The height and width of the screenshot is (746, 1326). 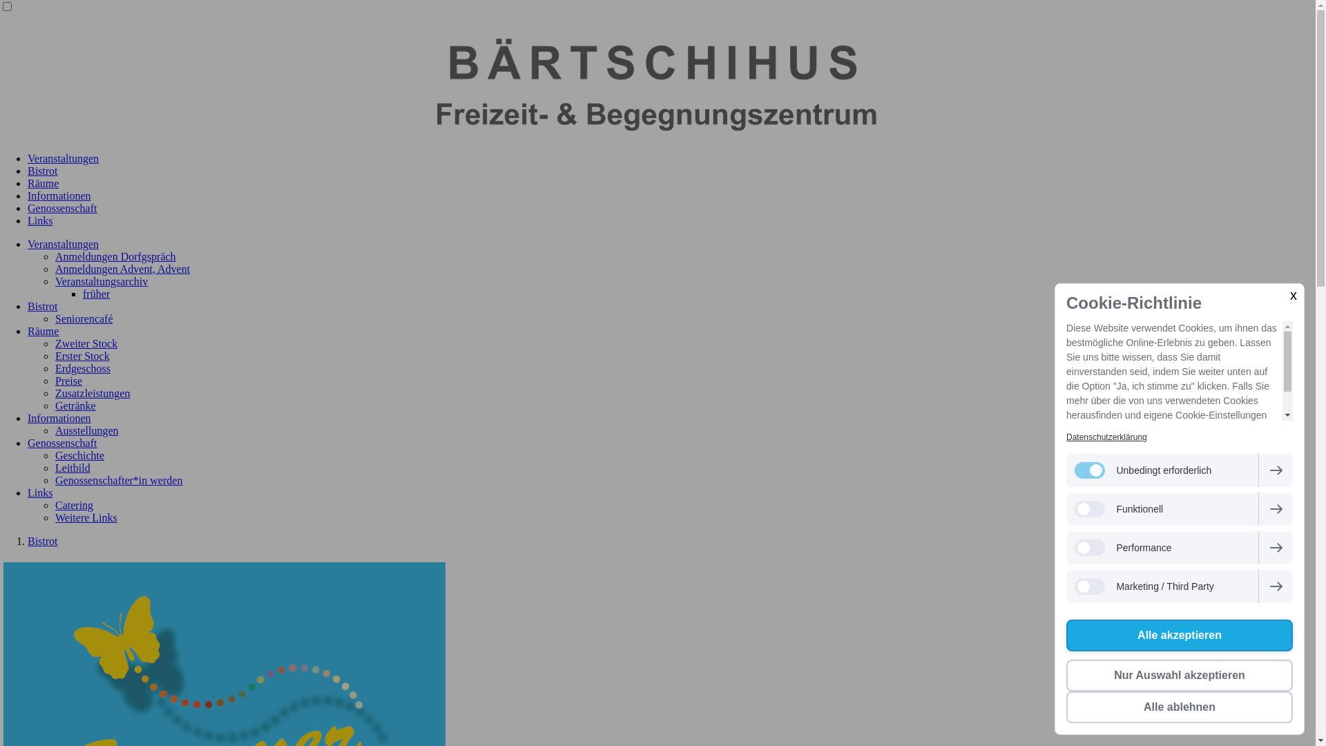 What do you see at coordinates (85, 517) in the screenshot?
I see `'Weitere Links'` at bounding box center [85, 517].